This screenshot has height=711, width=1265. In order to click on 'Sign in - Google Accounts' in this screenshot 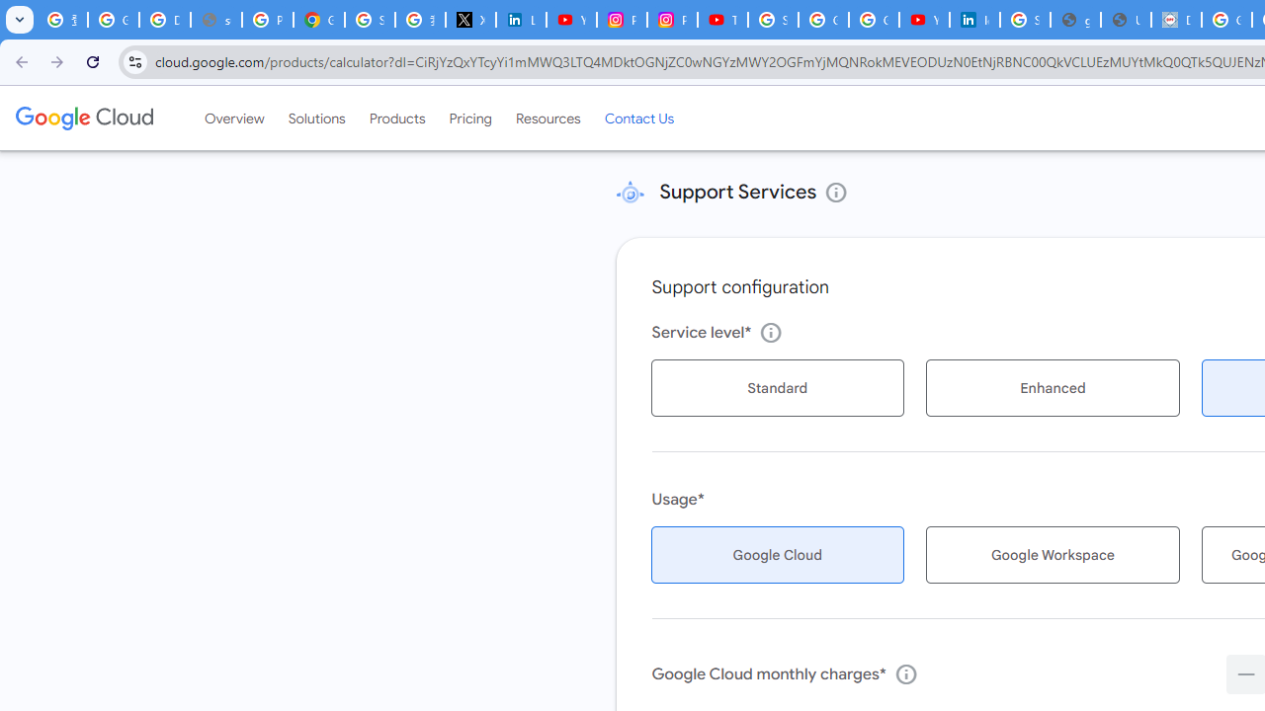, I will do `click(371, 20)`.